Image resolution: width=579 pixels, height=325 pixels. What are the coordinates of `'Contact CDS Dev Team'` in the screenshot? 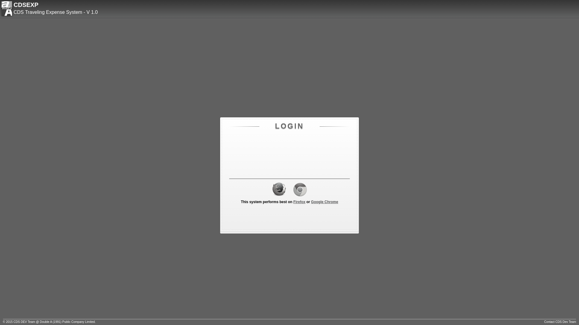 It's located at (544, 321).